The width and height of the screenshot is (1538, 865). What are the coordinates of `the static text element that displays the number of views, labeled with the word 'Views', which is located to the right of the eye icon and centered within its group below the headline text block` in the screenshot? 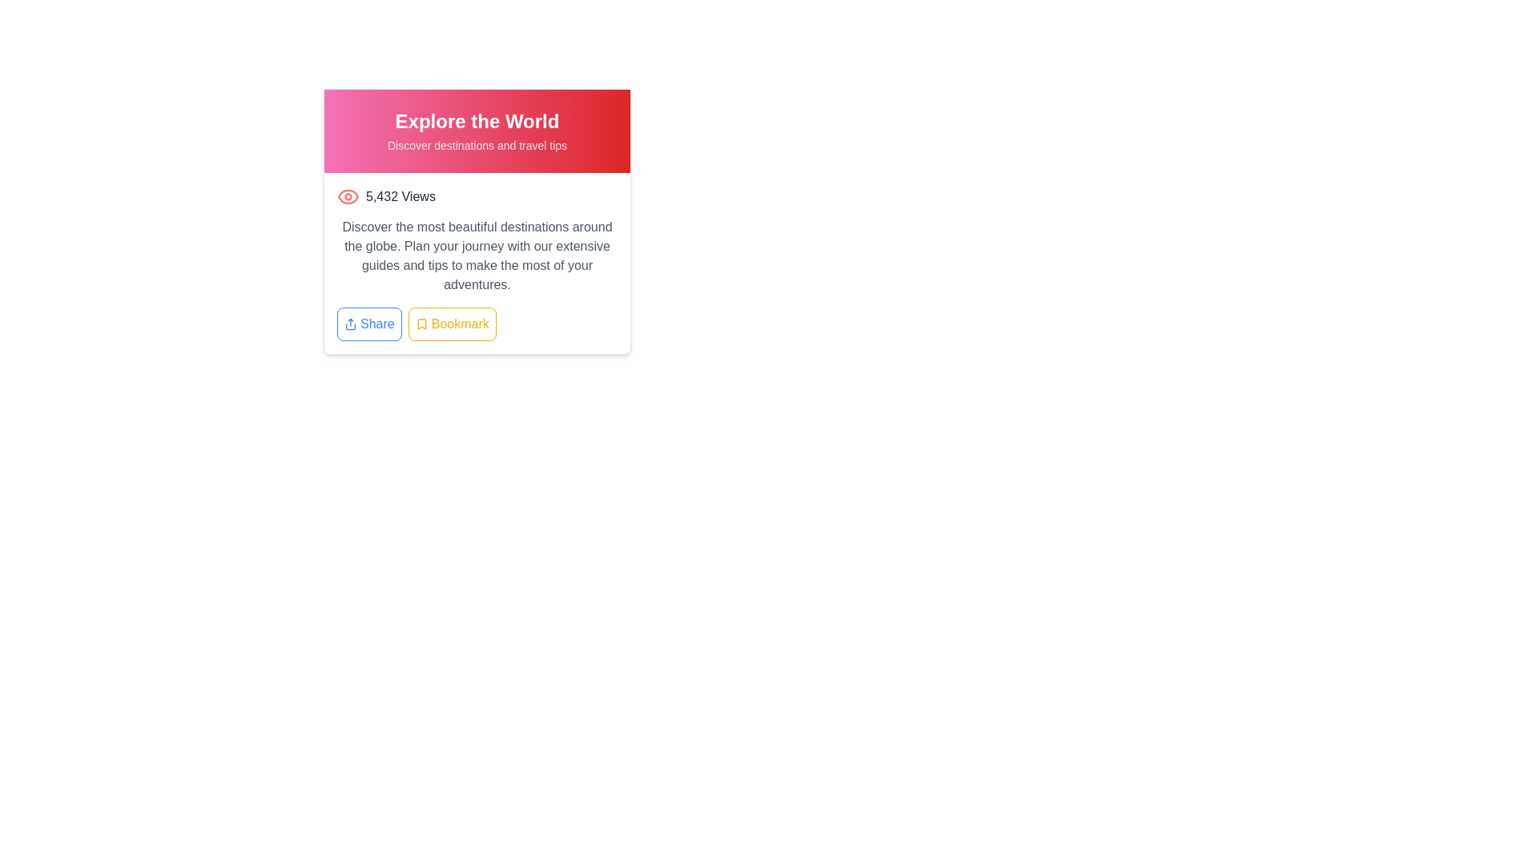 It's located at (401, 196).